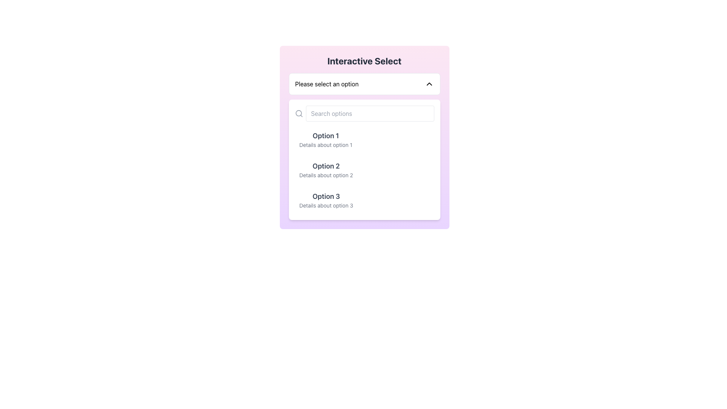 Image resolution: width=727 pixels, height=409 pixels. I want to click on the second selectable option in the list, so click(364, 169).